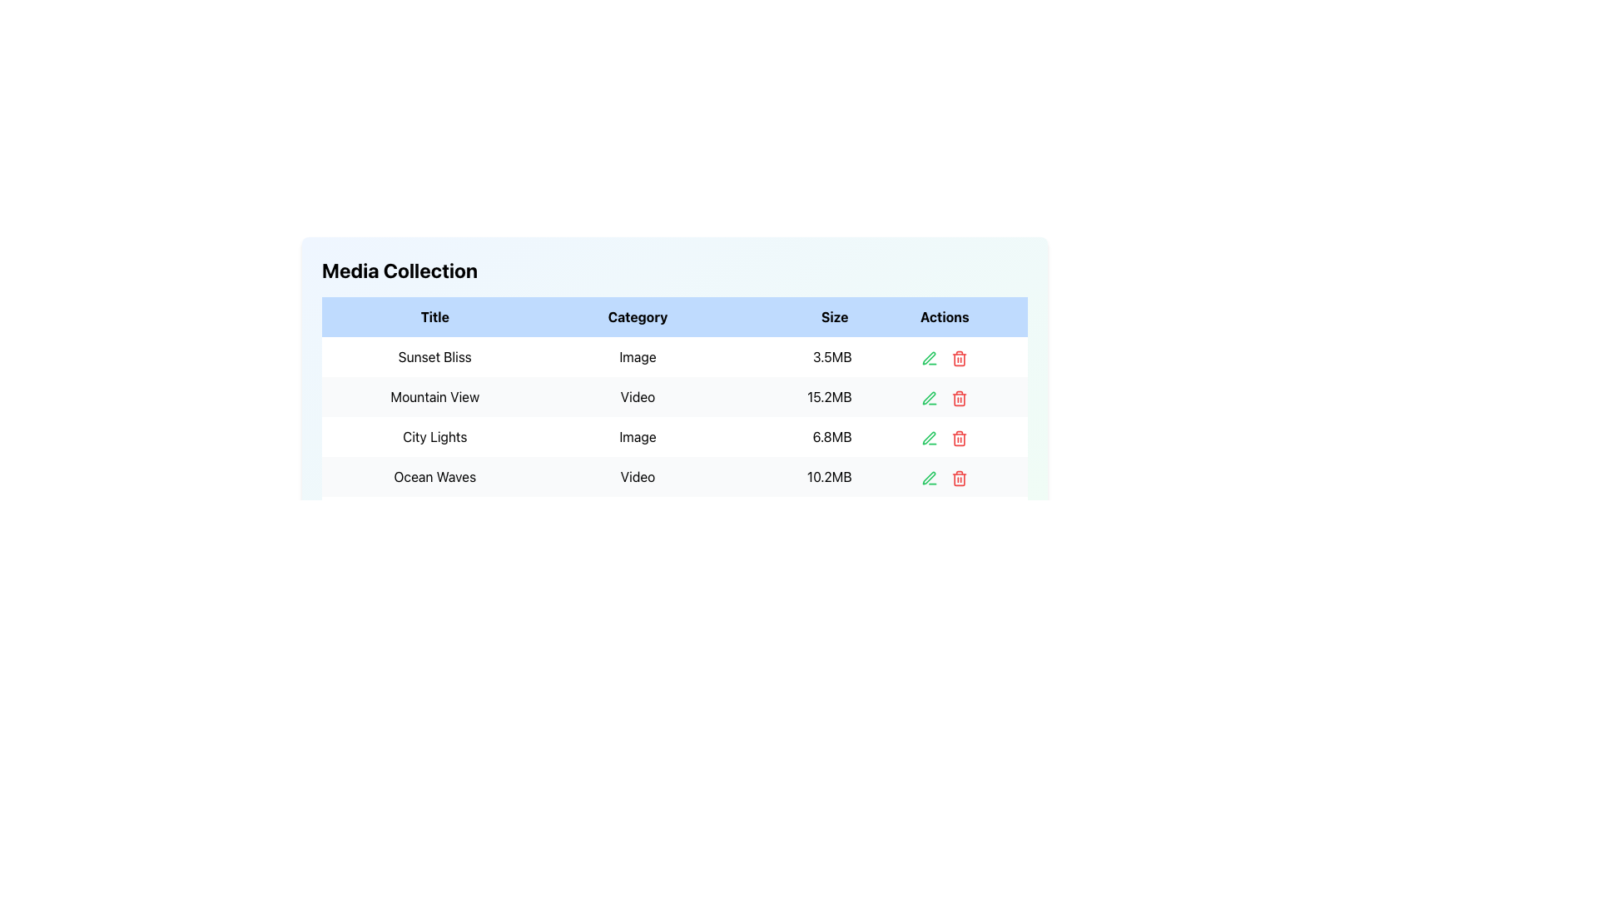  Describe the element at coordinates (637, 435) in the screenshot. I see `the static textual label in the second column of the third row of the 'Media Collection' table, which indicates the category or type of the 'City Lights' media file` at that location.